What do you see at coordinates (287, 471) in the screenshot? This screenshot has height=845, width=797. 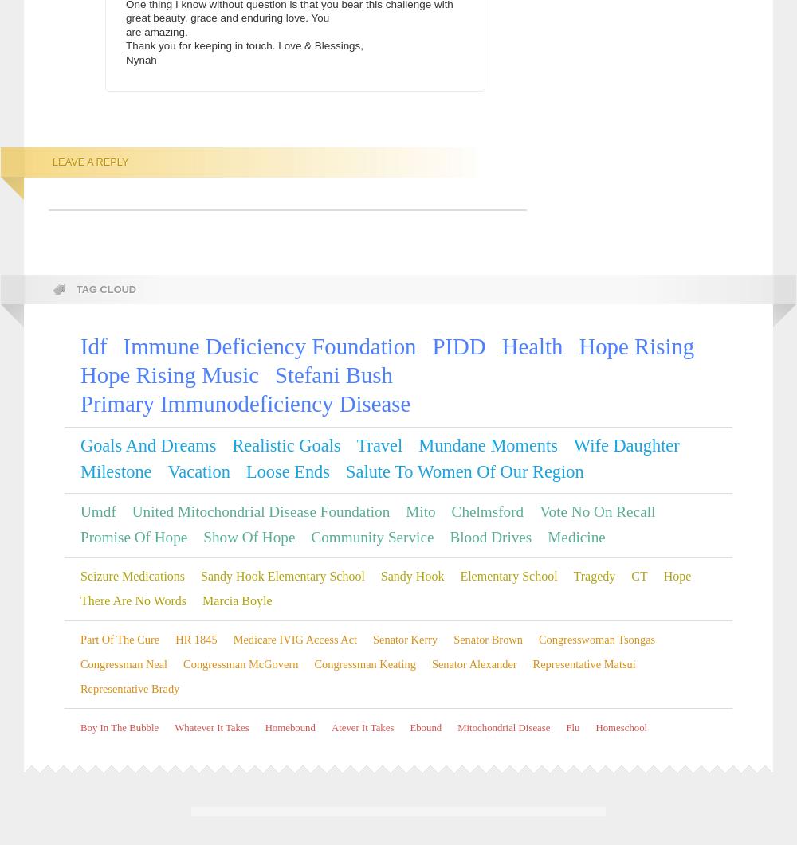 I see `'loose ends'` at bounding box center [287, 471].